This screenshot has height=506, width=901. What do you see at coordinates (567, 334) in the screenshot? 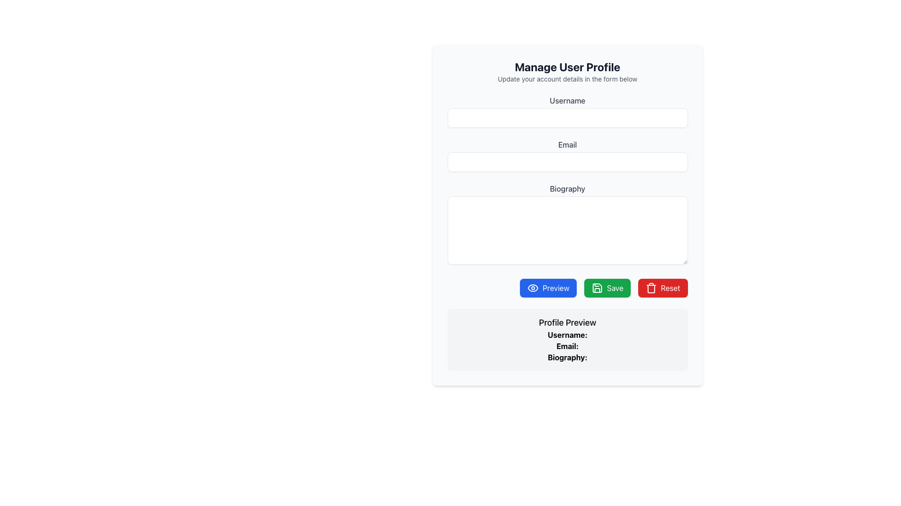
I see `the label indicating the associated username located under the 'Profile Preview' heading, which is the first label in the list above the 'Email:' label` at bounding box center [567, 334].